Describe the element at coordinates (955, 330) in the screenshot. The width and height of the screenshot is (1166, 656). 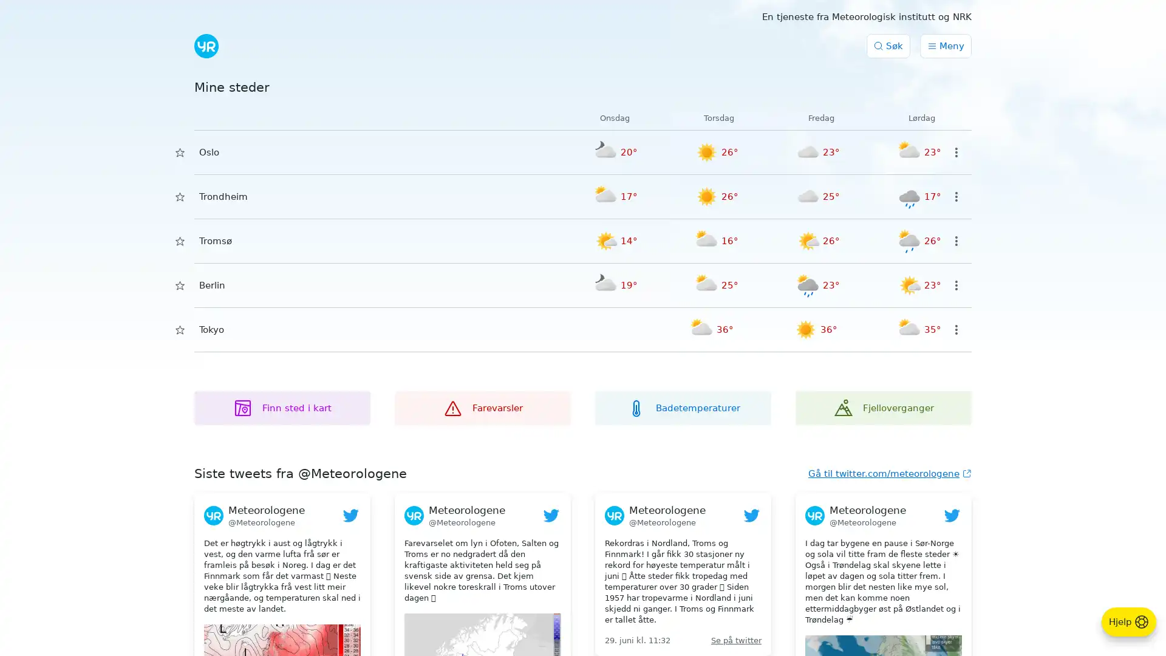
I see `Valg for sted` at that location.